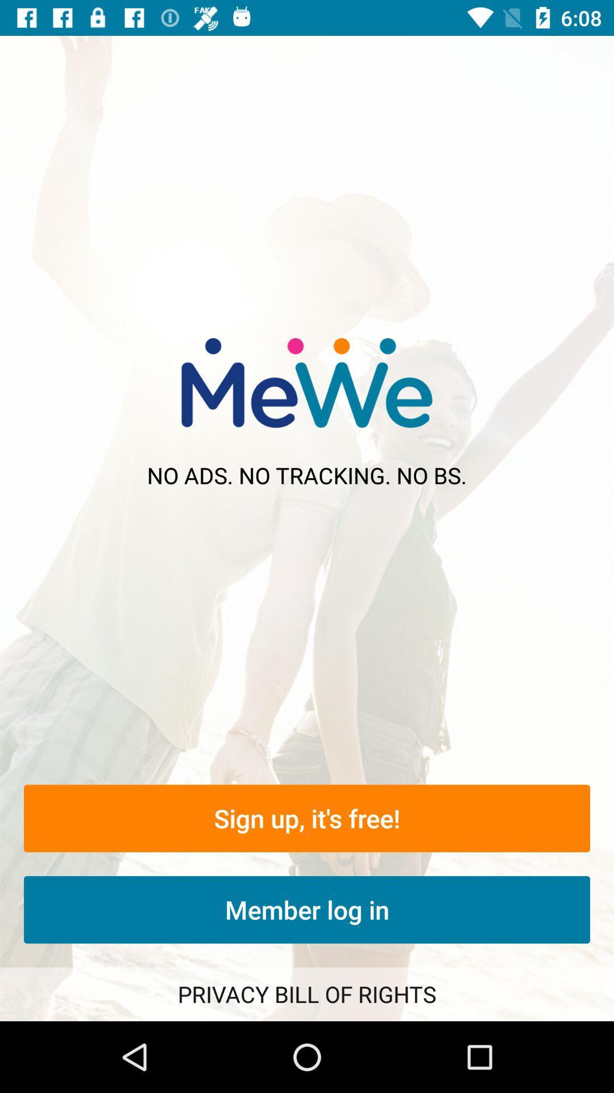 Image resolution: width=614 pixels, height=1093 pixels. Describe the element at coordinates (307, 993) in the screenshot. I see `privacy bill of` at that location.